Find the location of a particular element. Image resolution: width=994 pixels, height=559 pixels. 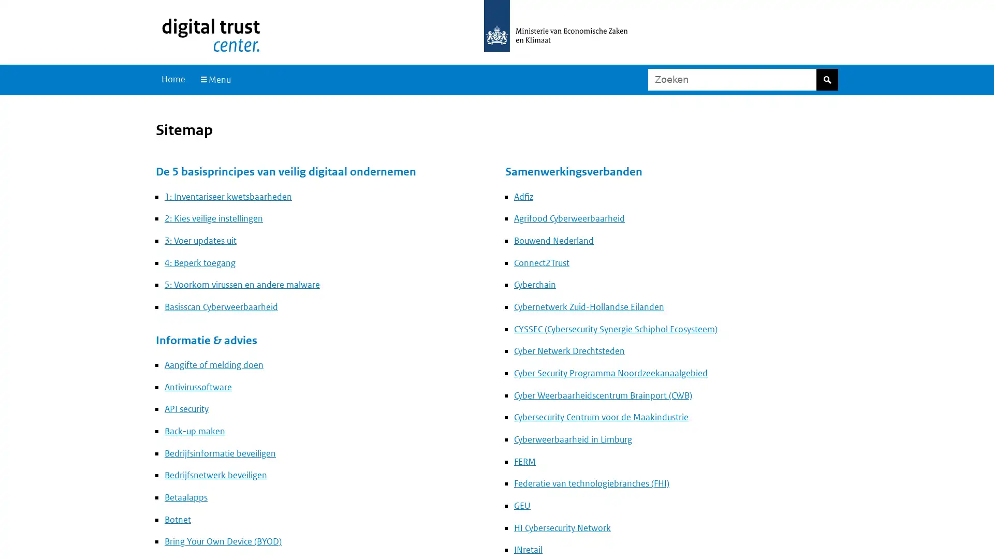

Zoeken is located at coordinates (826, 79).